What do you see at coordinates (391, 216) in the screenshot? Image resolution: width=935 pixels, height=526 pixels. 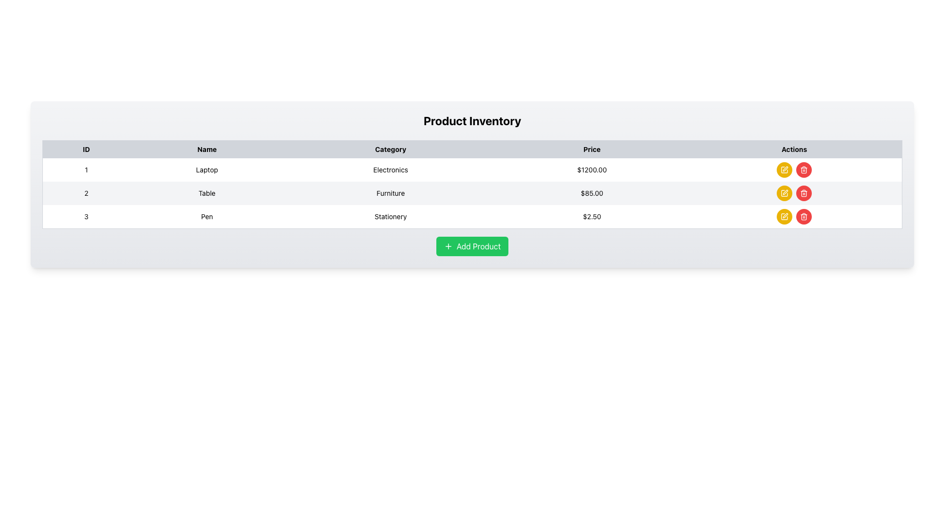 I see `the text label displaying 'Stationery' in the 'Category' column of the Product Inventory table, which is located between 'Pen' and '$2.50'` at bounding box center [391, 216].